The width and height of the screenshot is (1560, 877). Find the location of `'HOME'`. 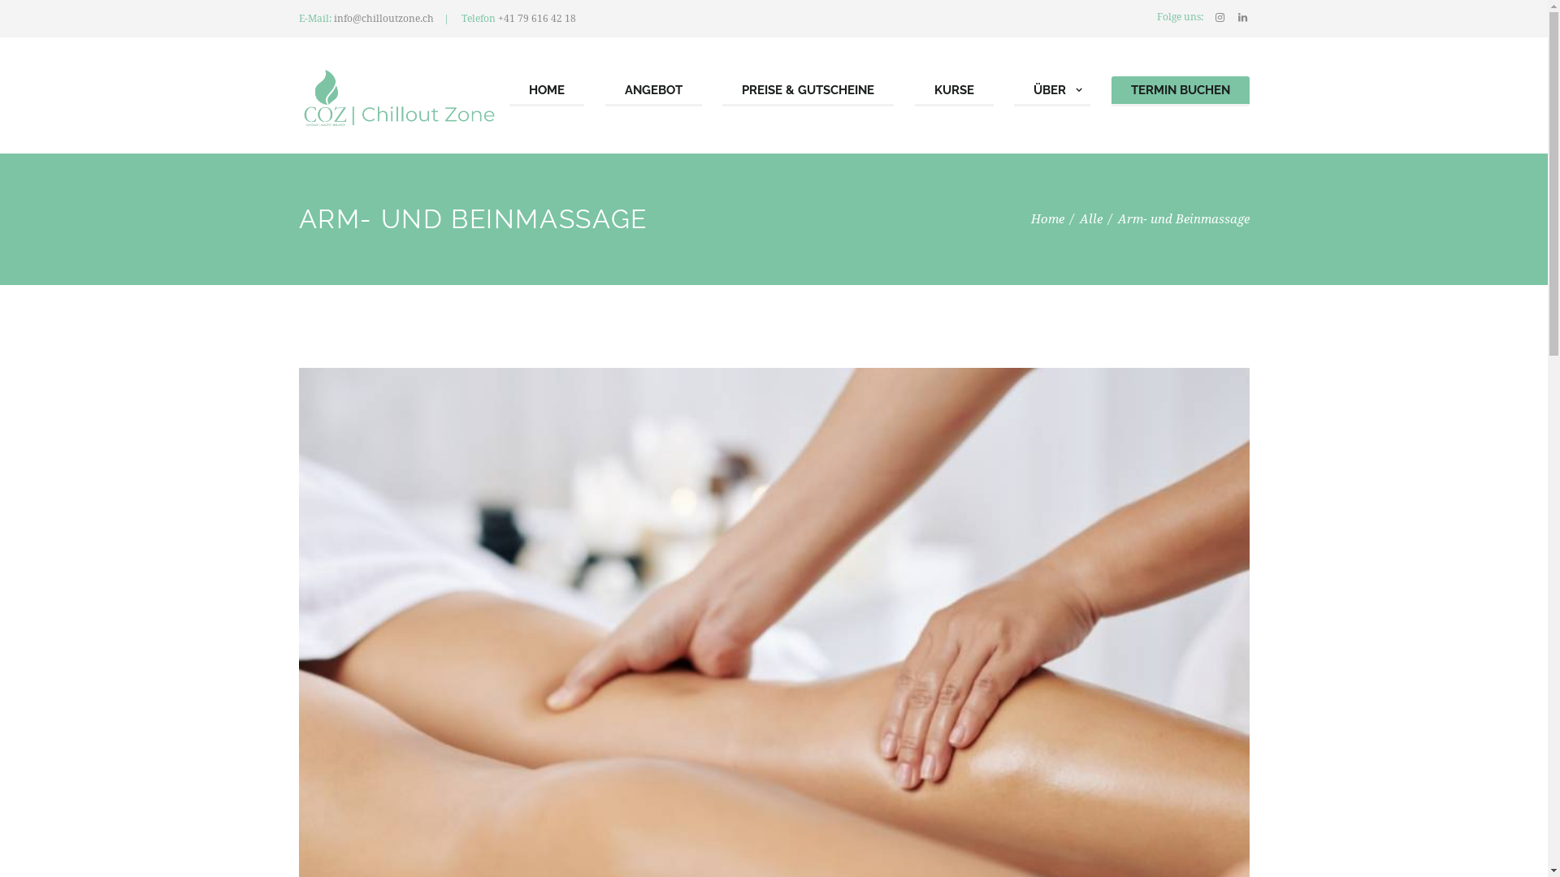

'HOME' is located at coordinates (546, 91).